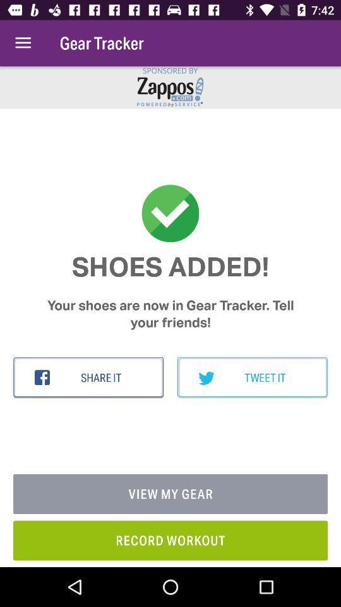 This screenshot has width=341, height=607. I want to click on the record workout, so click(170, 539).